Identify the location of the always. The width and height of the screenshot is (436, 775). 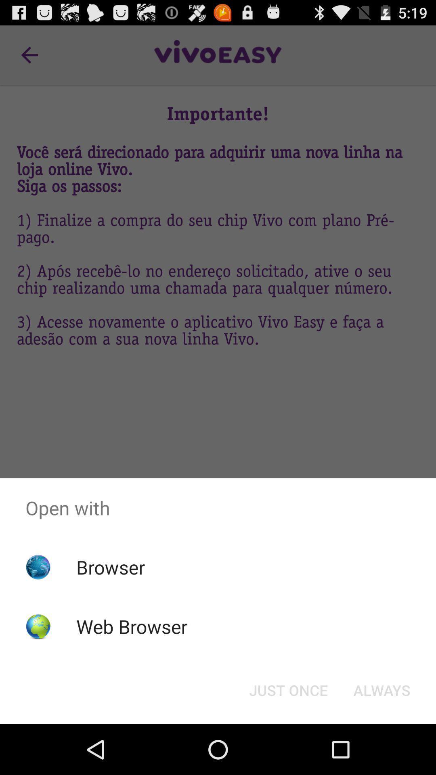
(381, 689).